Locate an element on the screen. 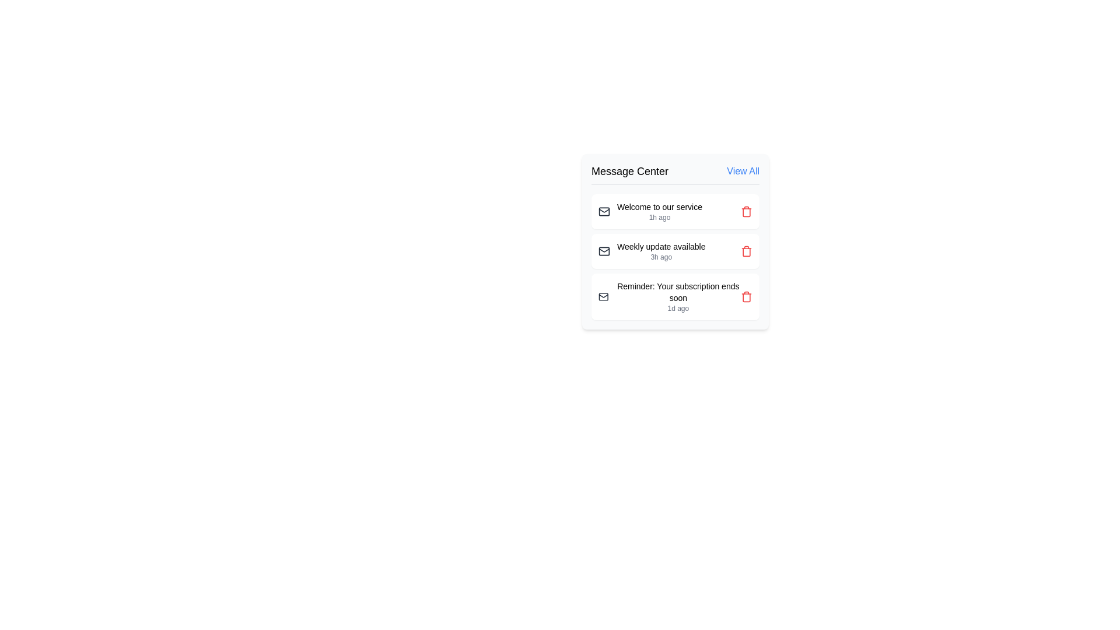  the second notification item in the 'Message Center' list is located at coordinates (651, 251).